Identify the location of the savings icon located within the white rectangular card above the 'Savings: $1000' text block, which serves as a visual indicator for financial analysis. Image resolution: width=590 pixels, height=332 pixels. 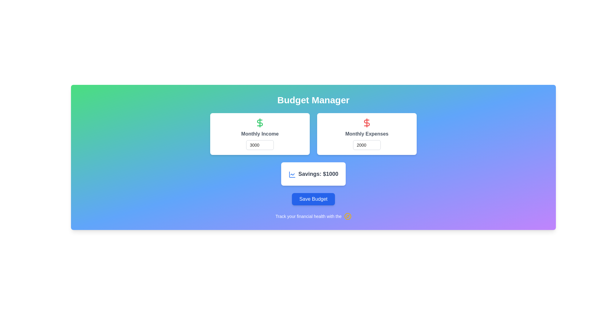
(292, 174).